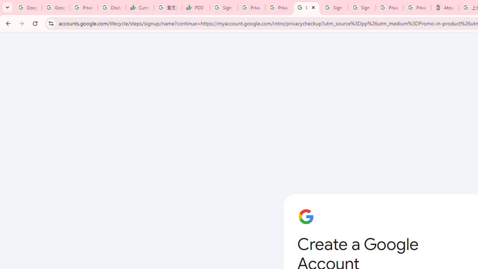  I want to click on 'Reload', so click(35, 23).